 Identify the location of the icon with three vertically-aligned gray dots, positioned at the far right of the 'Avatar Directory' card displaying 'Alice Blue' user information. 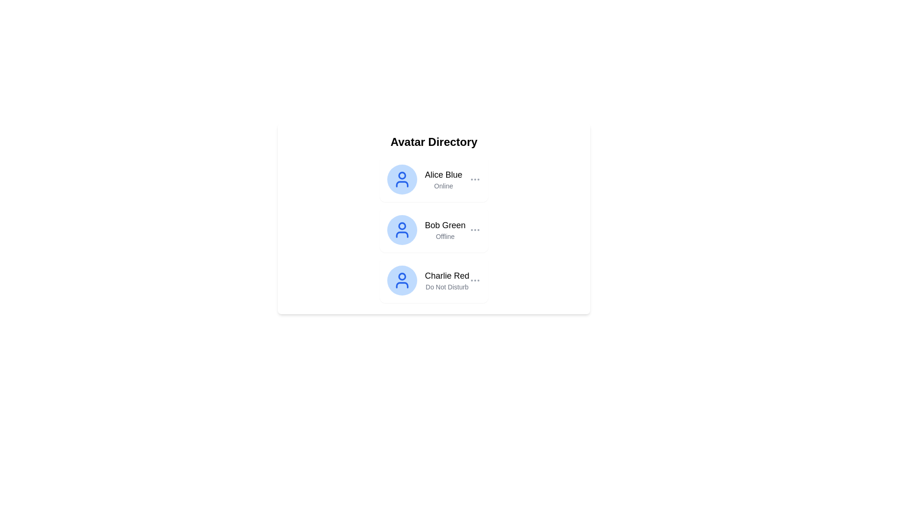
(475, 180).